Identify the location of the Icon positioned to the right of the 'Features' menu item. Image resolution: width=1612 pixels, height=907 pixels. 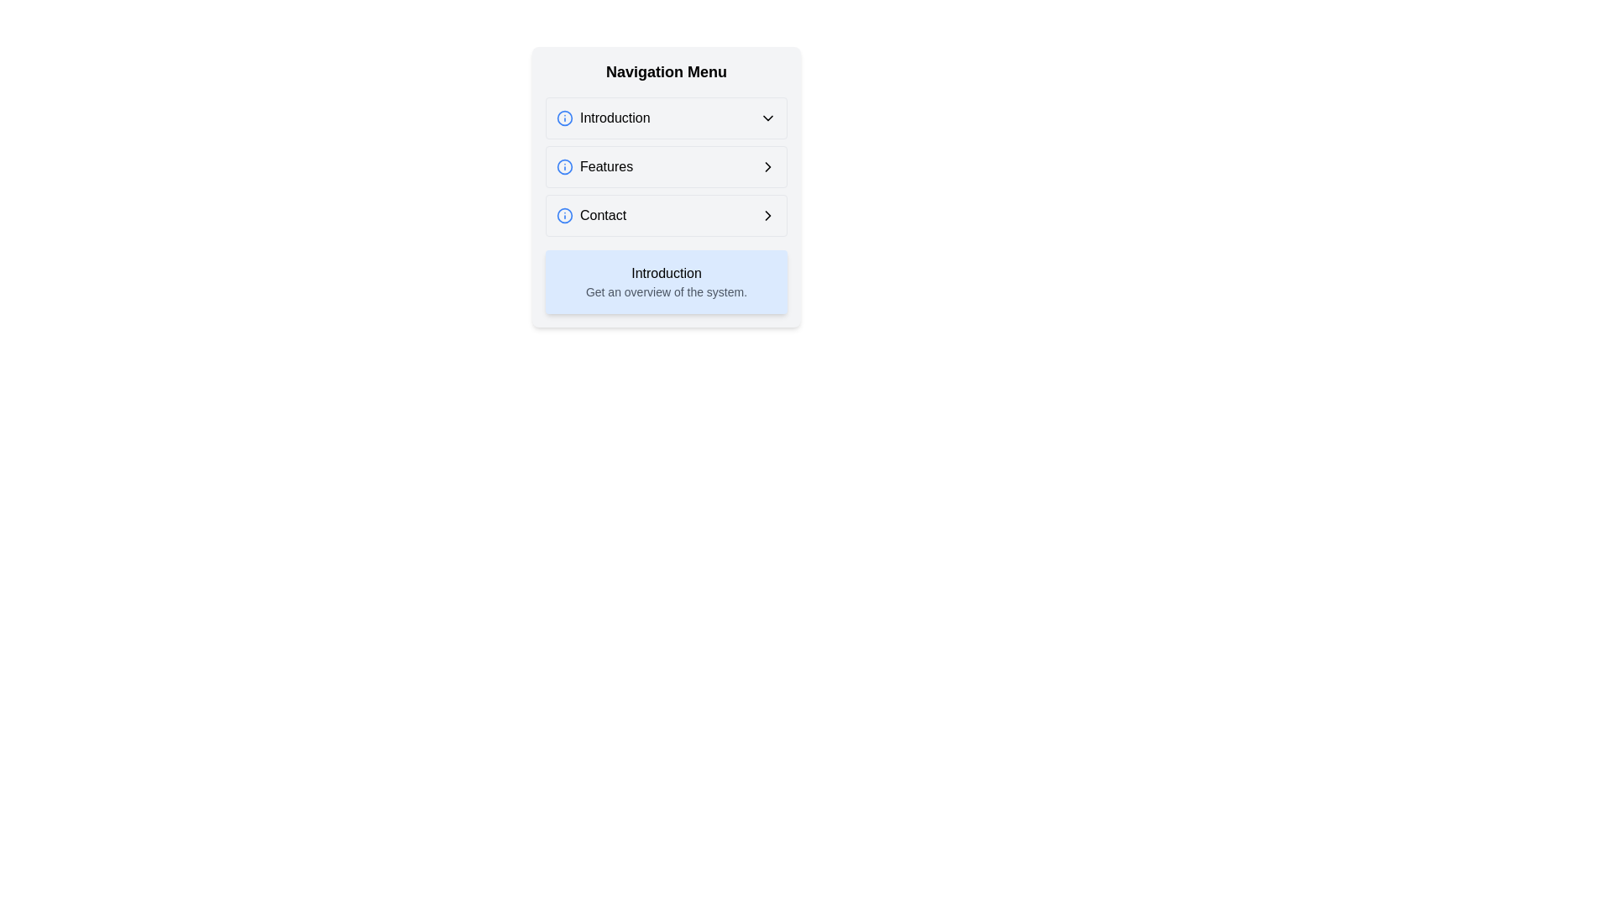
(767, 167).